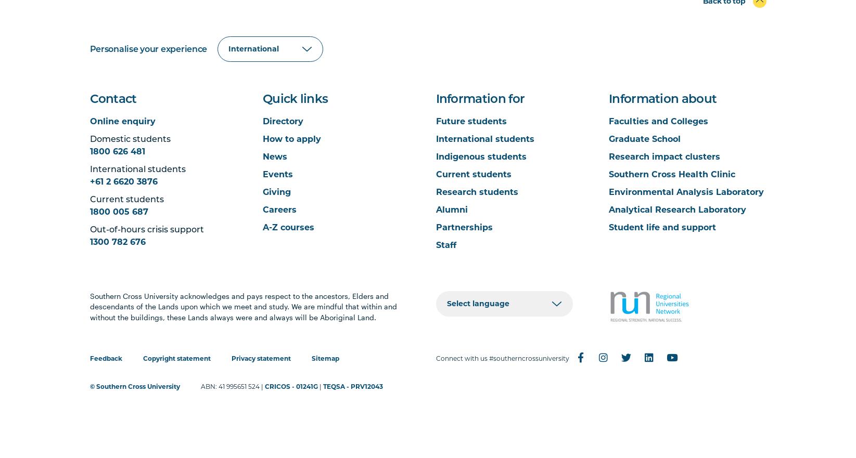  I want to click on 'Sitemap', so click(310, 357).